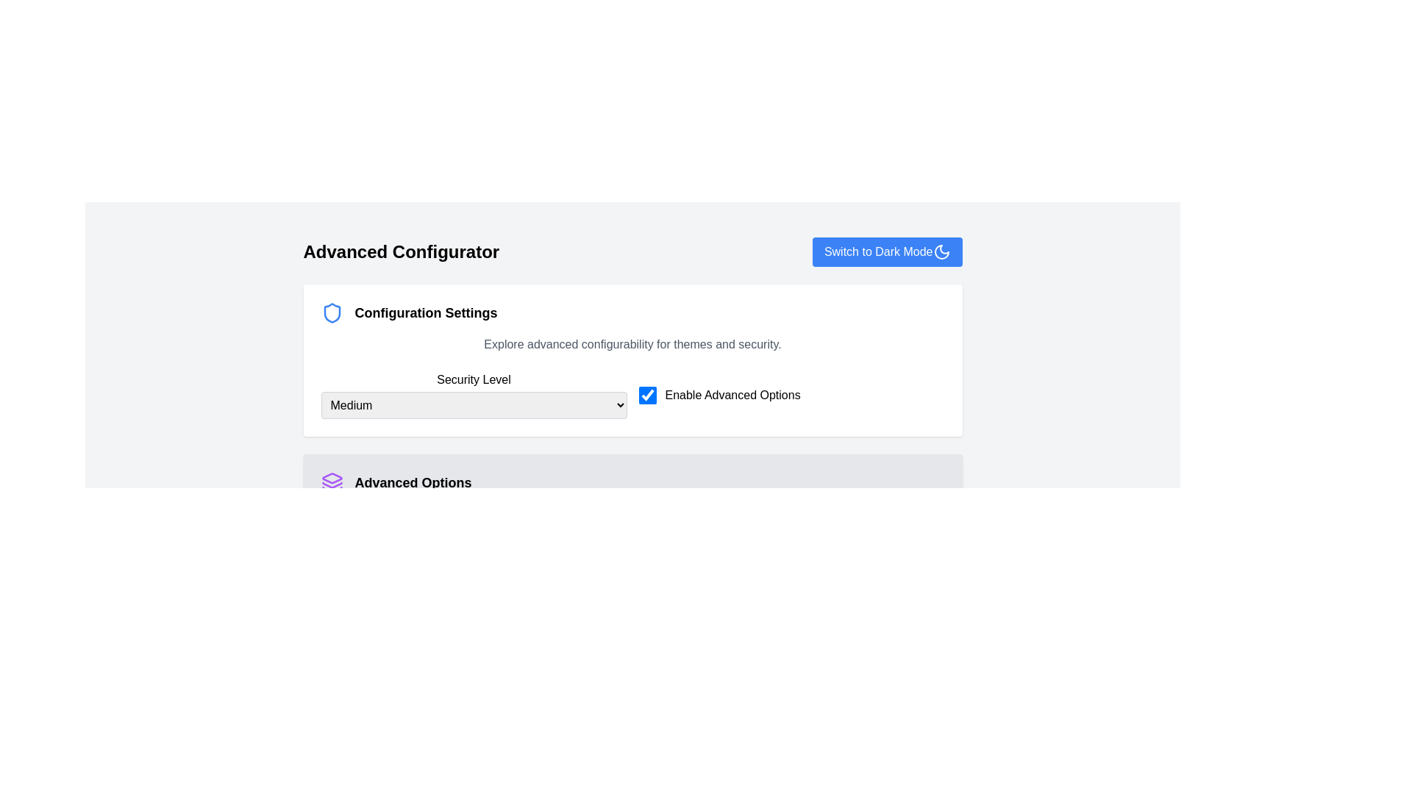  What do you see at coordinates (732, 394) in the screenshot?
I see `the descriptive label located to the right of the checkbox within the 'Configuration Settings' panel` at bounding box center [732, 394].